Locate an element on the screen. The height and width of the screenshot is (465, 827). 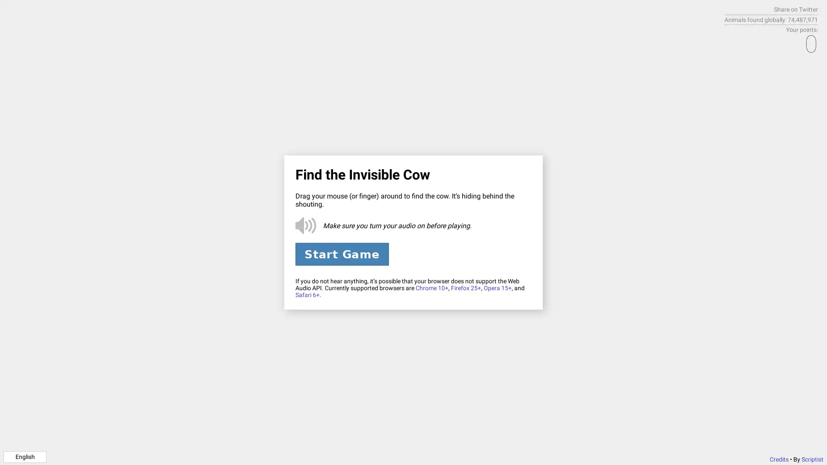
Start Game is located at coordinates (341, 254).